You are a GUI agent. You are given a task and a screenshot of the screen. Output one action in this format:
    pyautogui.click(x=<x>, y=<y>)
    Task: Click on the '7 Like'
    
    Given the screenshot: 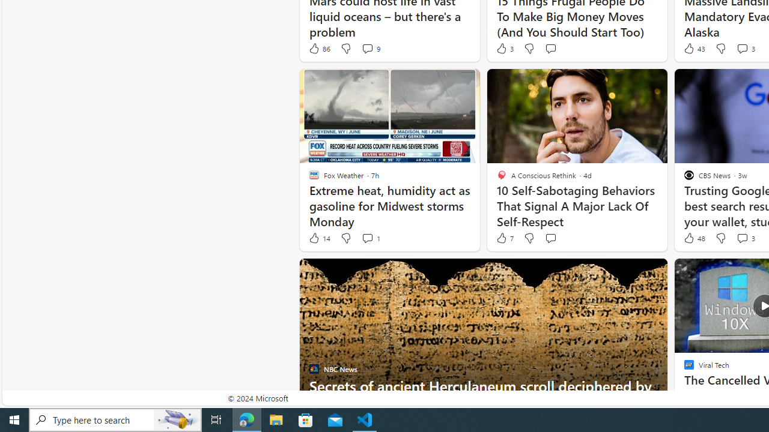 What is the action you would take?
    pyautogui.click(x=504, y=238)
    